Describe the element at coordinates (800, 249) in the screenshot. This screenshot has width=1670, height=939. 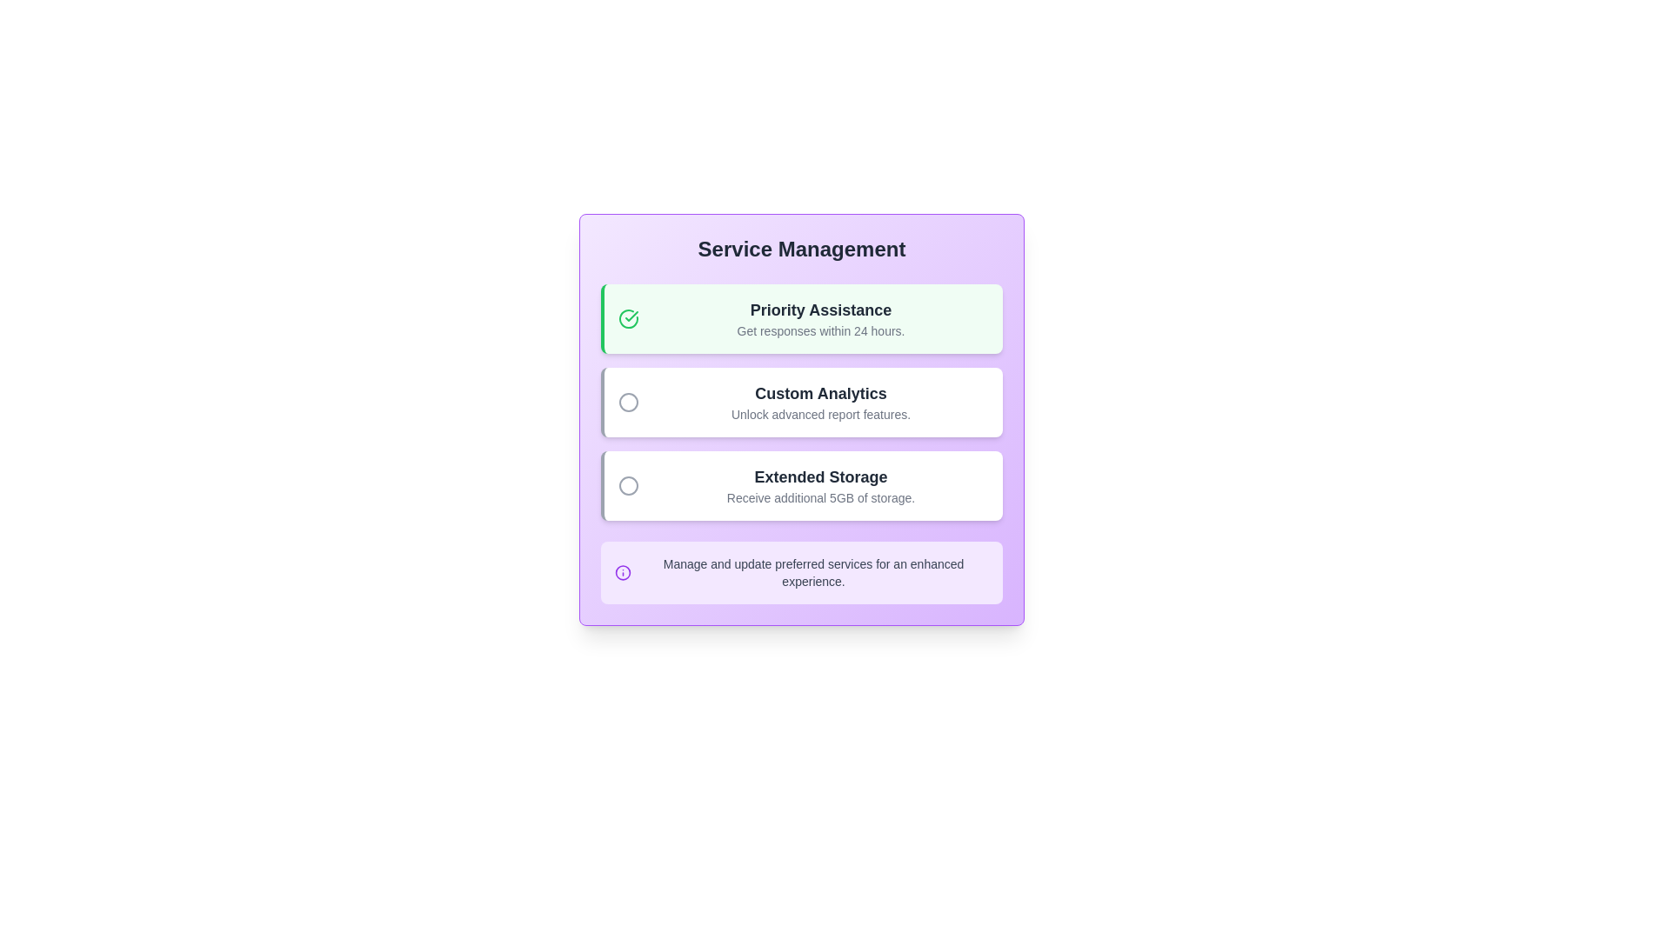
I see `the 'Service Management' static text header, which is a bold header located at the top inside a purple gradient box` at that location.